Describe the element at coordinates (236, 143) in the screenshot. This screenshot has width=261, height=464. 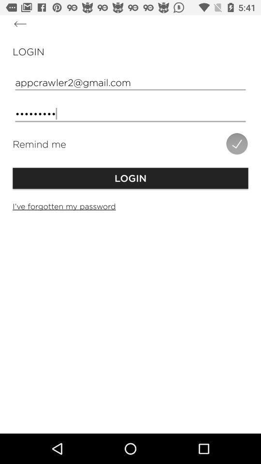
I see `the icon to the right of remind me item` at that location.